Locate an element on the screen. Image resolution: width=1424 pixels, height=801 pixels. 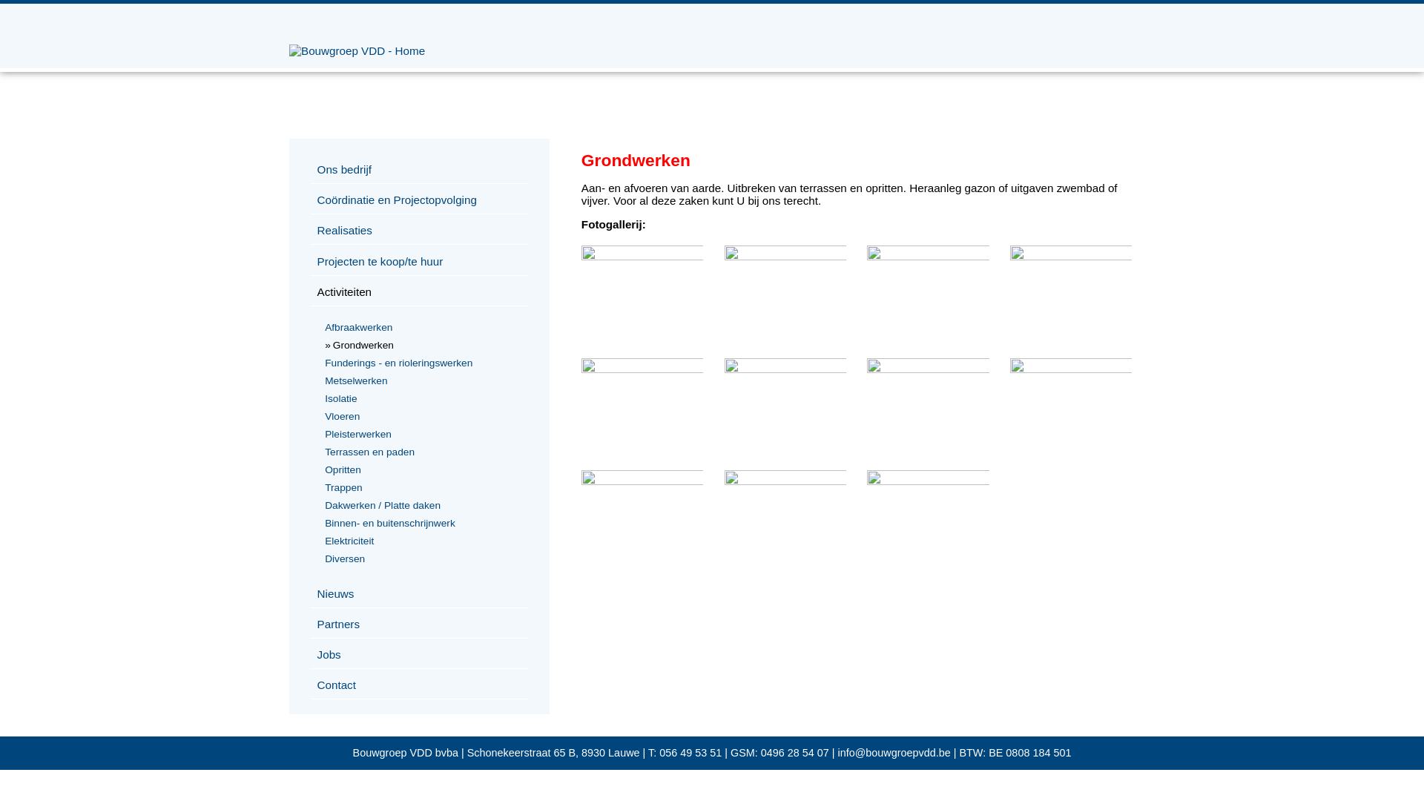
'Contact' is located at coordinates (418, 685).